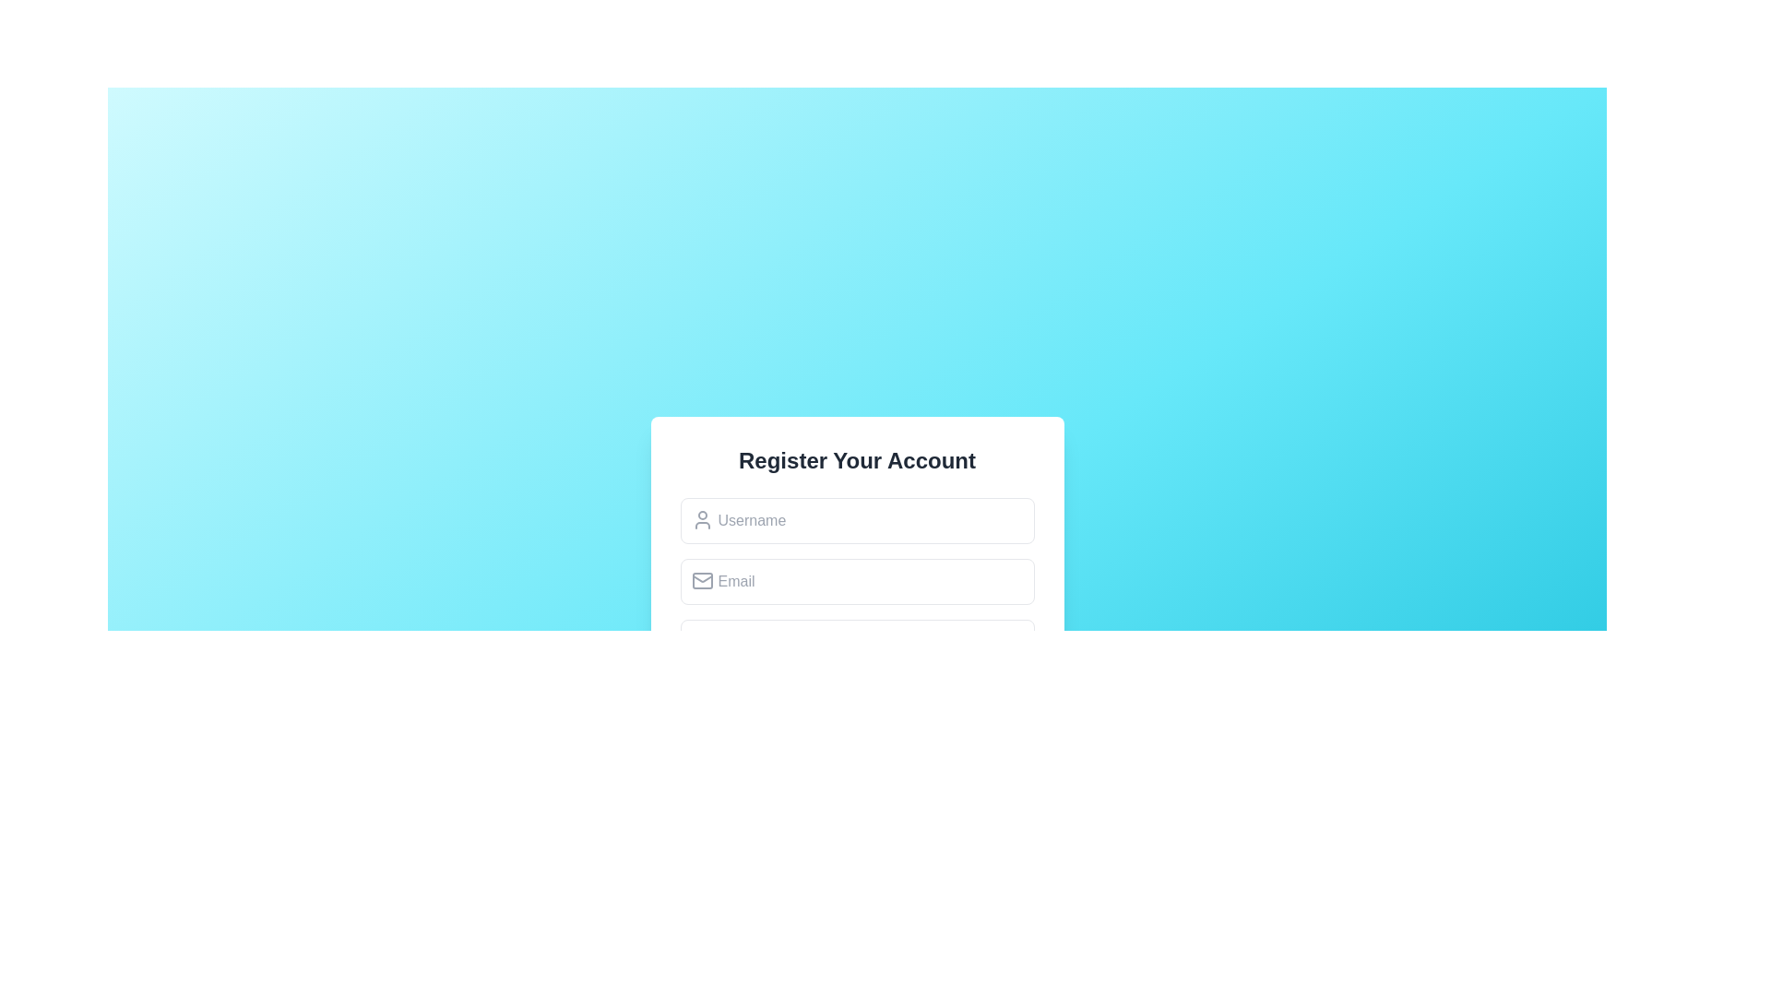 The height and width of the screenshot is (996, 1771). I want to click on the rectangular component of the 'mail' icon group, which serves as the base of the envelope shape located under the 'Register Your Account' header, aligned with the 'Email' text field, so click(701, 579).